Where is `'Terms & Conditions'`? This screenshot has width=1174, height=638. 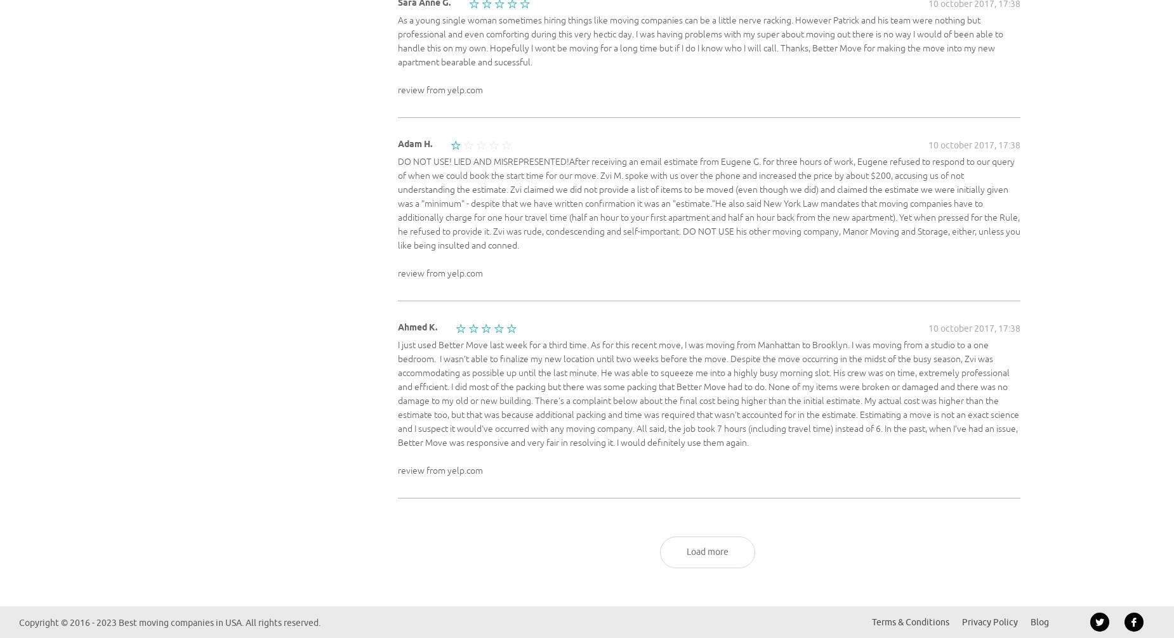 'Terms & Conditions' is located at coordinates (911, 622).